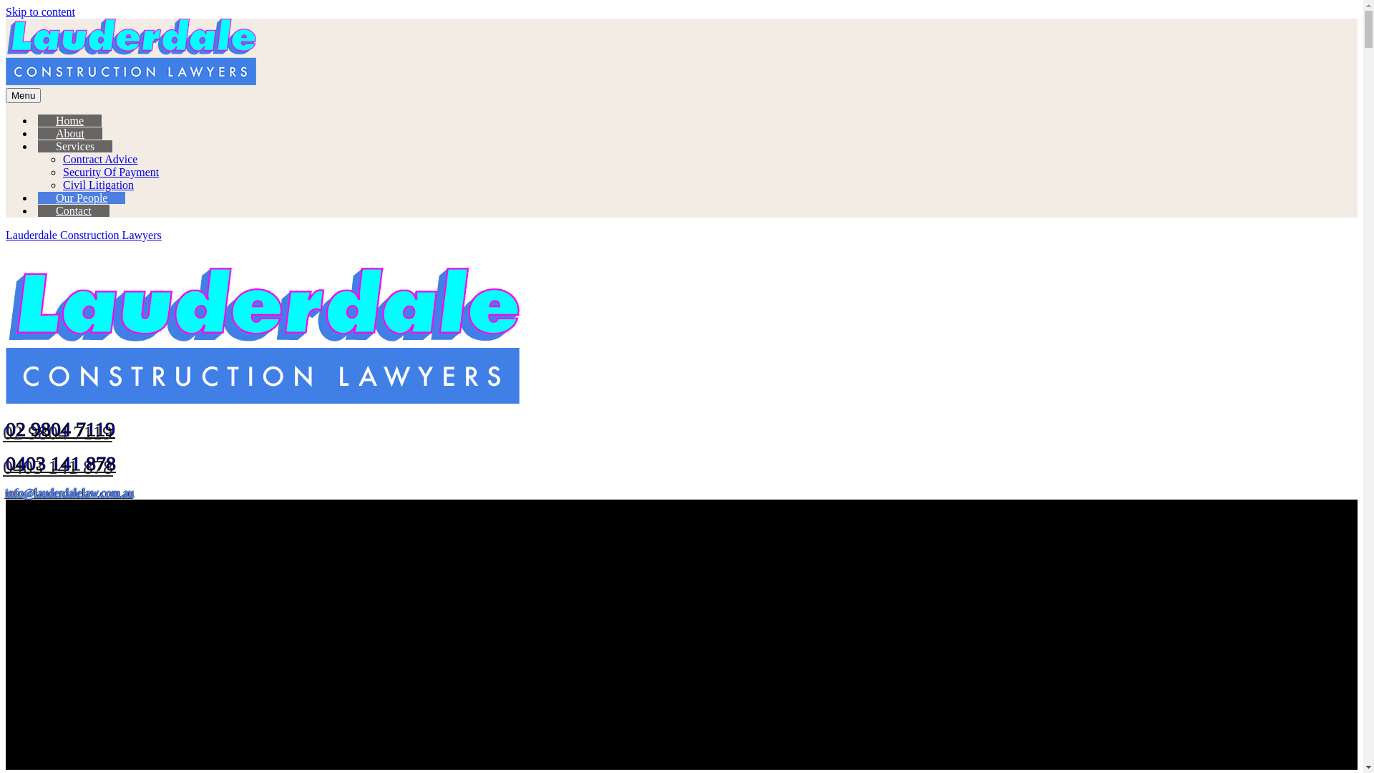  I want to click on 'Contact', so click(72, 210).